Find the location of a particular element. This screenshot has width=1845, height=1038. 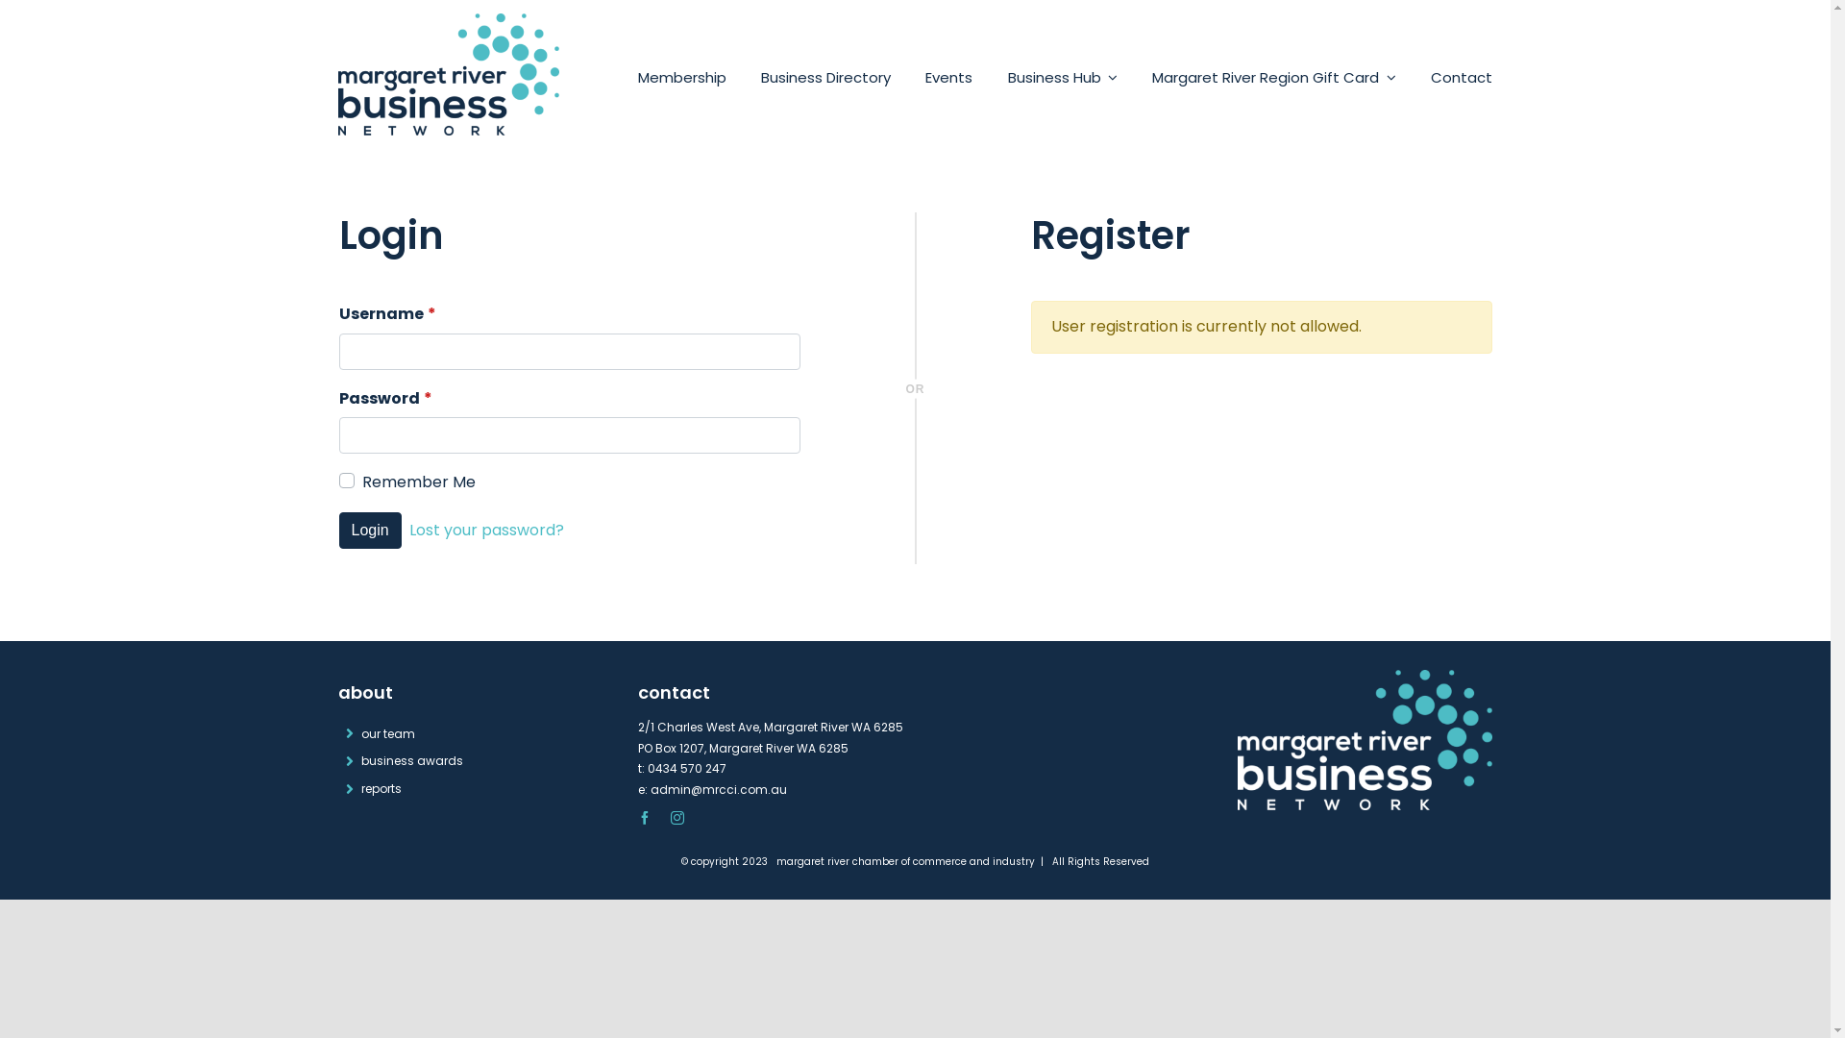

'Business Directory' is located at coordinates (825, 77).